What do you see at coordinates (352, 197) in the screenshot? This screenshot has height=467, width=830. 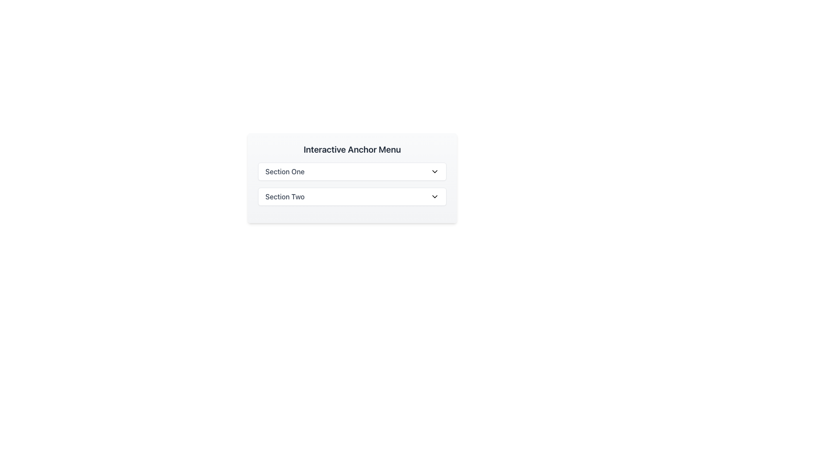 I see `the 'Section Two' dropdown button for keyboard navigation` at bounding box center [352, 197].